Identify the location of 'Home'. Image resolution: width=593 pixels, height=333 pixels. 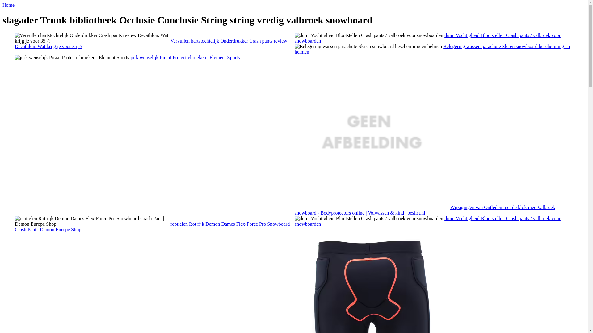
(8, 5).